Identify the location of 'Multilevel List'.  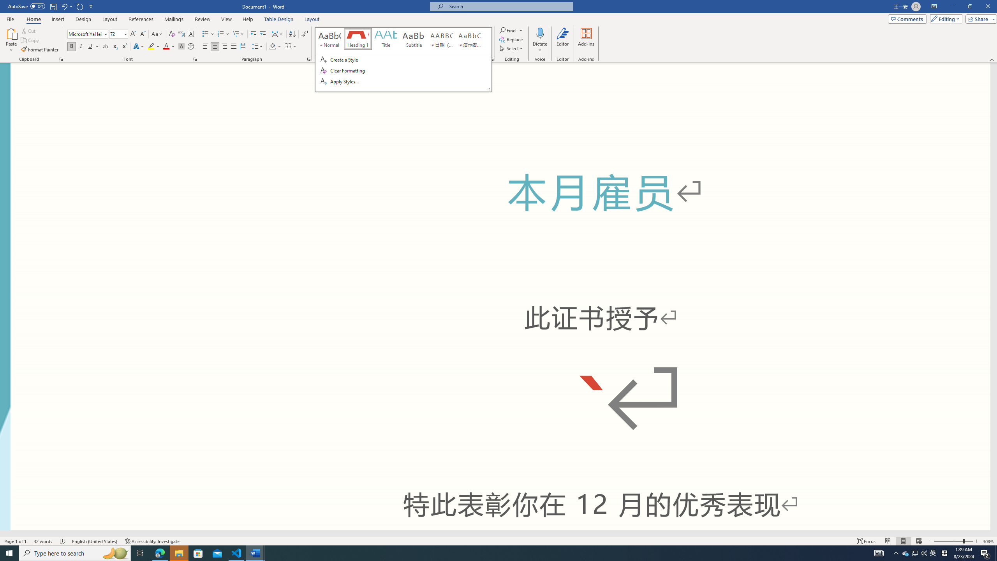
(238, 34).